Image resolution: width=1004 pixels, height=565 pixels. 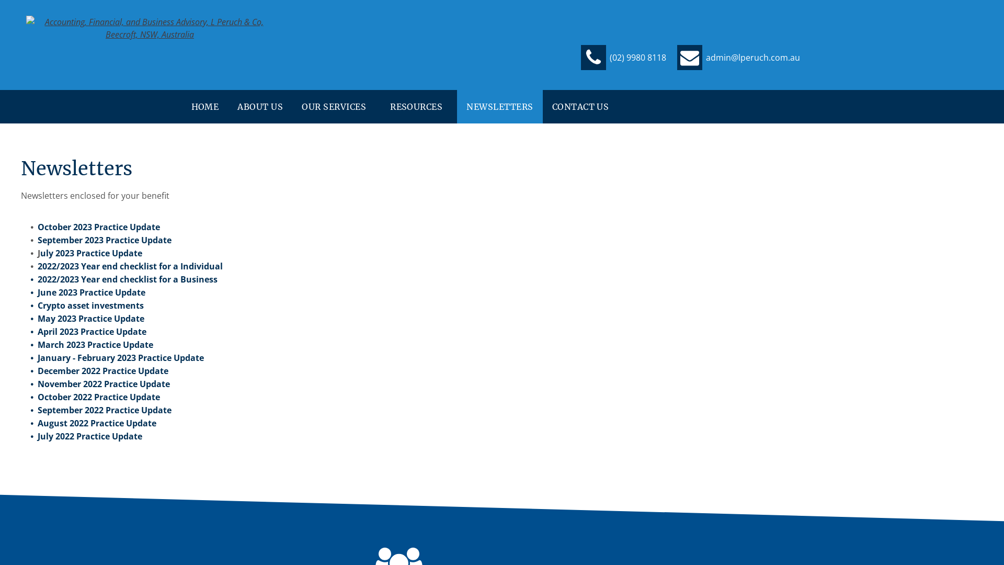 What do you see at coordinates (90, 318) in the screenshot?
I see `'May 2023 Practice Update'` at bounding box center [90, 318].